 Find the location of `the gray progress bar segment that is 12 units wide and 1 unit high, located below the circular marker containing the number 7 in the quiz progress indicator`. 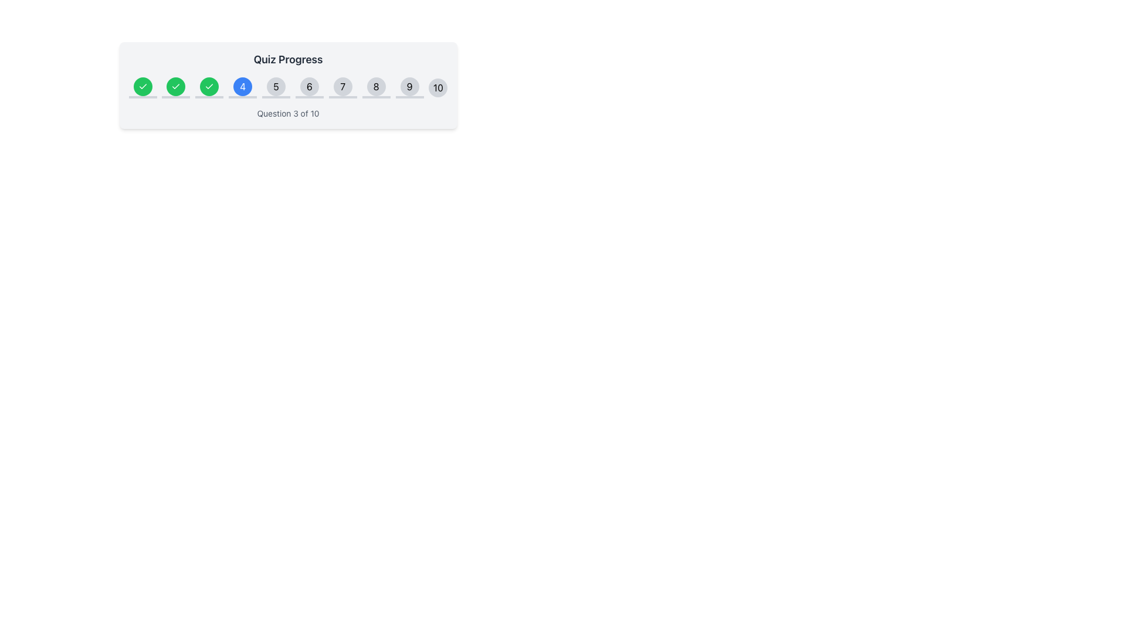

the gray progress bar segment that is 12 units wide and 1 unit high, located below the circular marker containing the number 7 in the quiz progress indicator is located at coordinates (342, 96).